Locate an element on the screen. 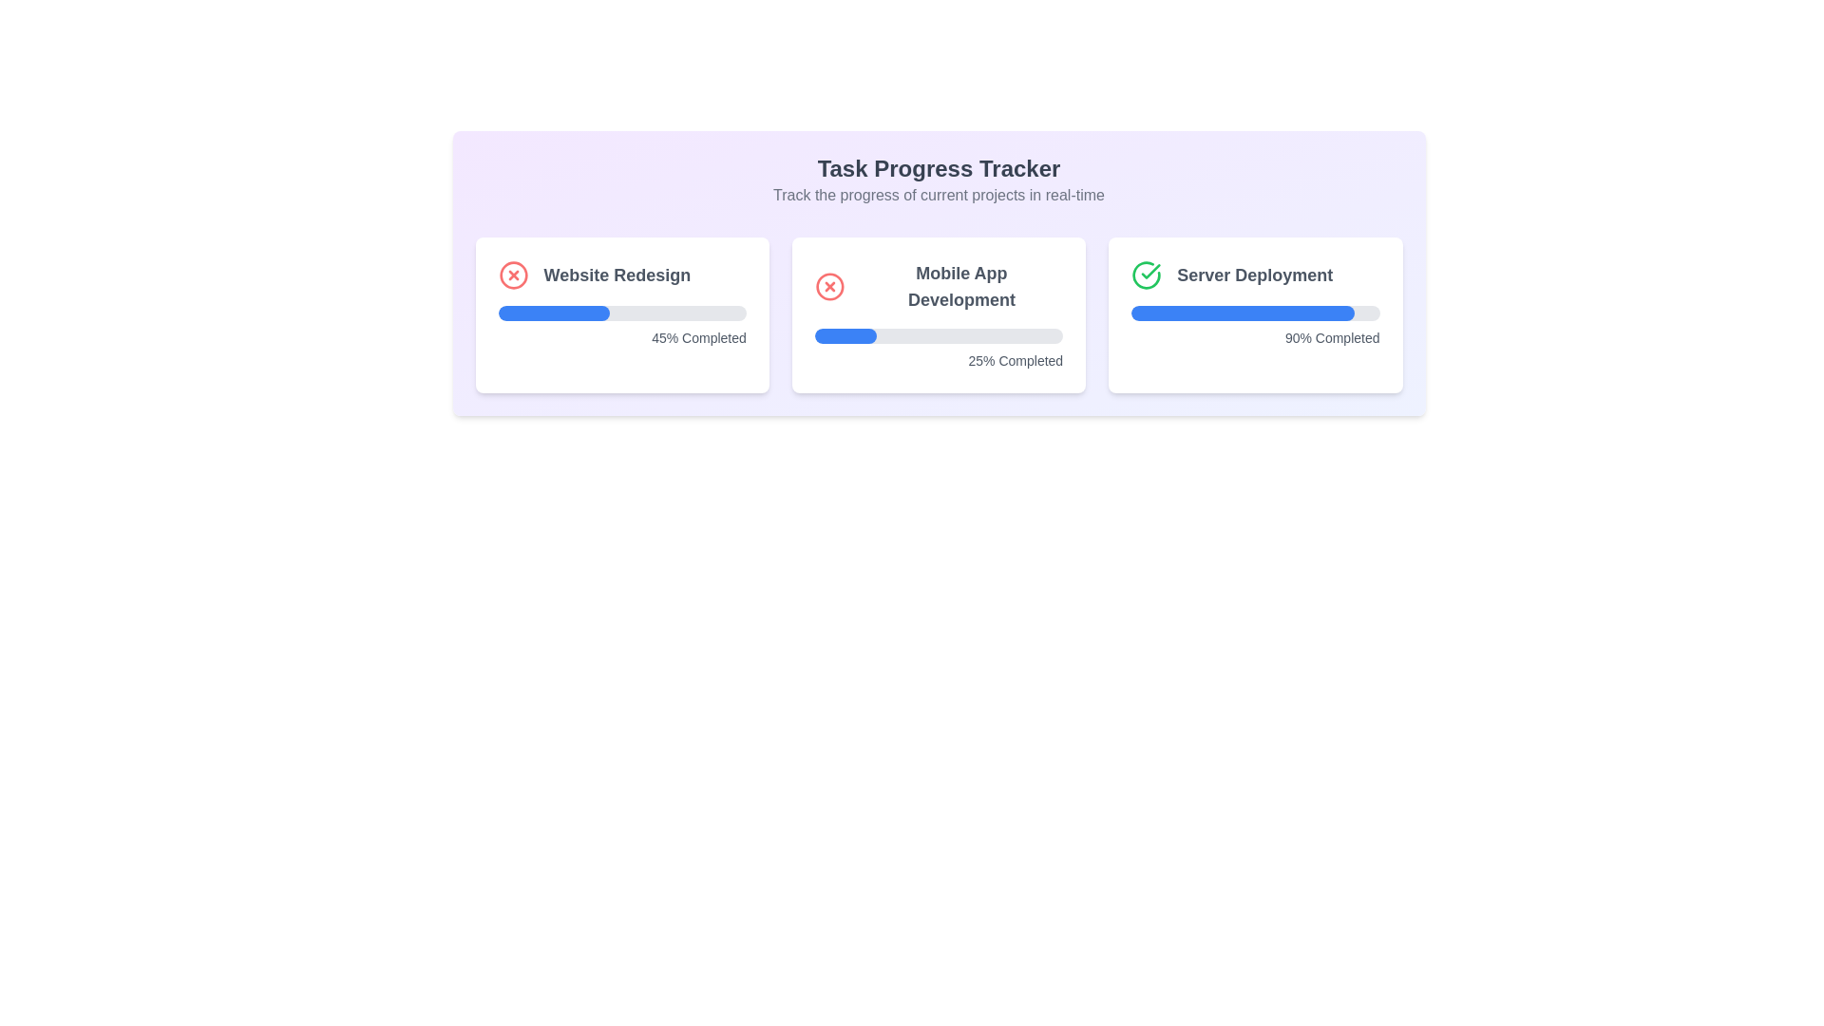 This screenshot has width=1824, height=1026. the icon indicator representing the status of the 'Website Redesign' project, located to the immediate left of the text 'Website Redesign' is located at coordinates (513, 275).